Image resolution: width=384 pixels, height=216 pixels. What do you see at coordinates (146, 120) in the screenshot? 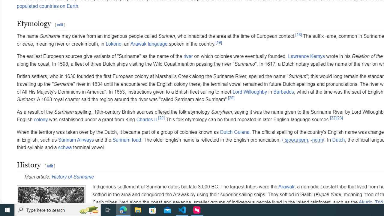
I see `'Charles II'` at bounding box center [146, 120].